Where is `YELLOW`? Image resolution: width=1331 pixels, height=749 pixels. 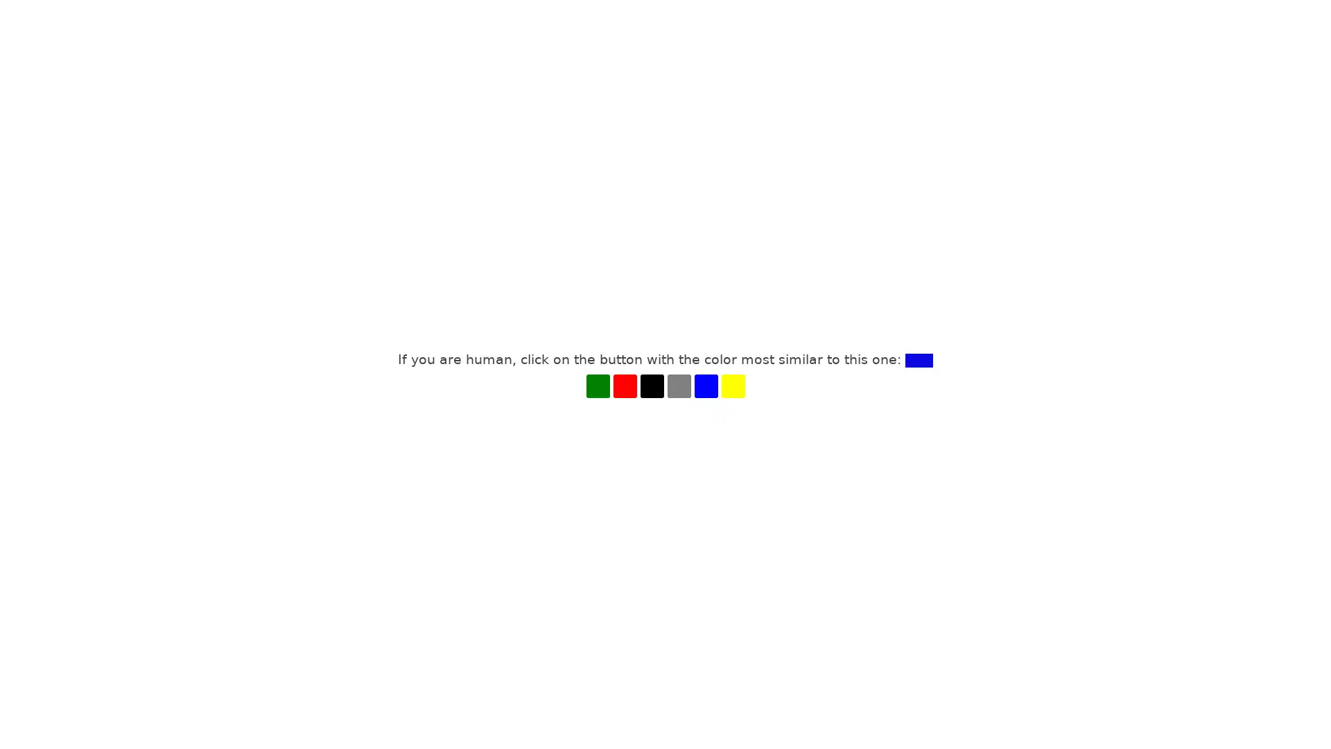
YELLOW is located at coordinates (731, 385).